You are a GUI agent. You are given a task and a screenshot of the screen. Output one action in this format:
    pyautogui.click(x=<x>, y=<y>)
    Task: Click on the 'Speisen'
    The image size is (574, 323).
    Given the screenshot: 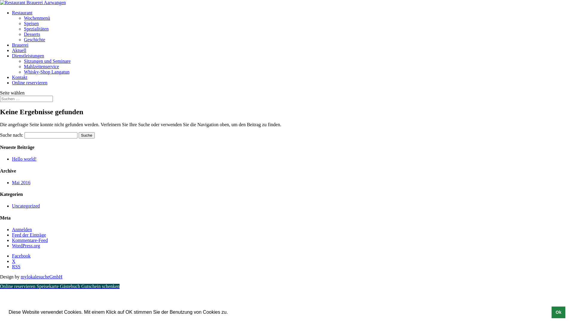 What is the action you would take?
    pyautogui.click(x=31, y=23)
    